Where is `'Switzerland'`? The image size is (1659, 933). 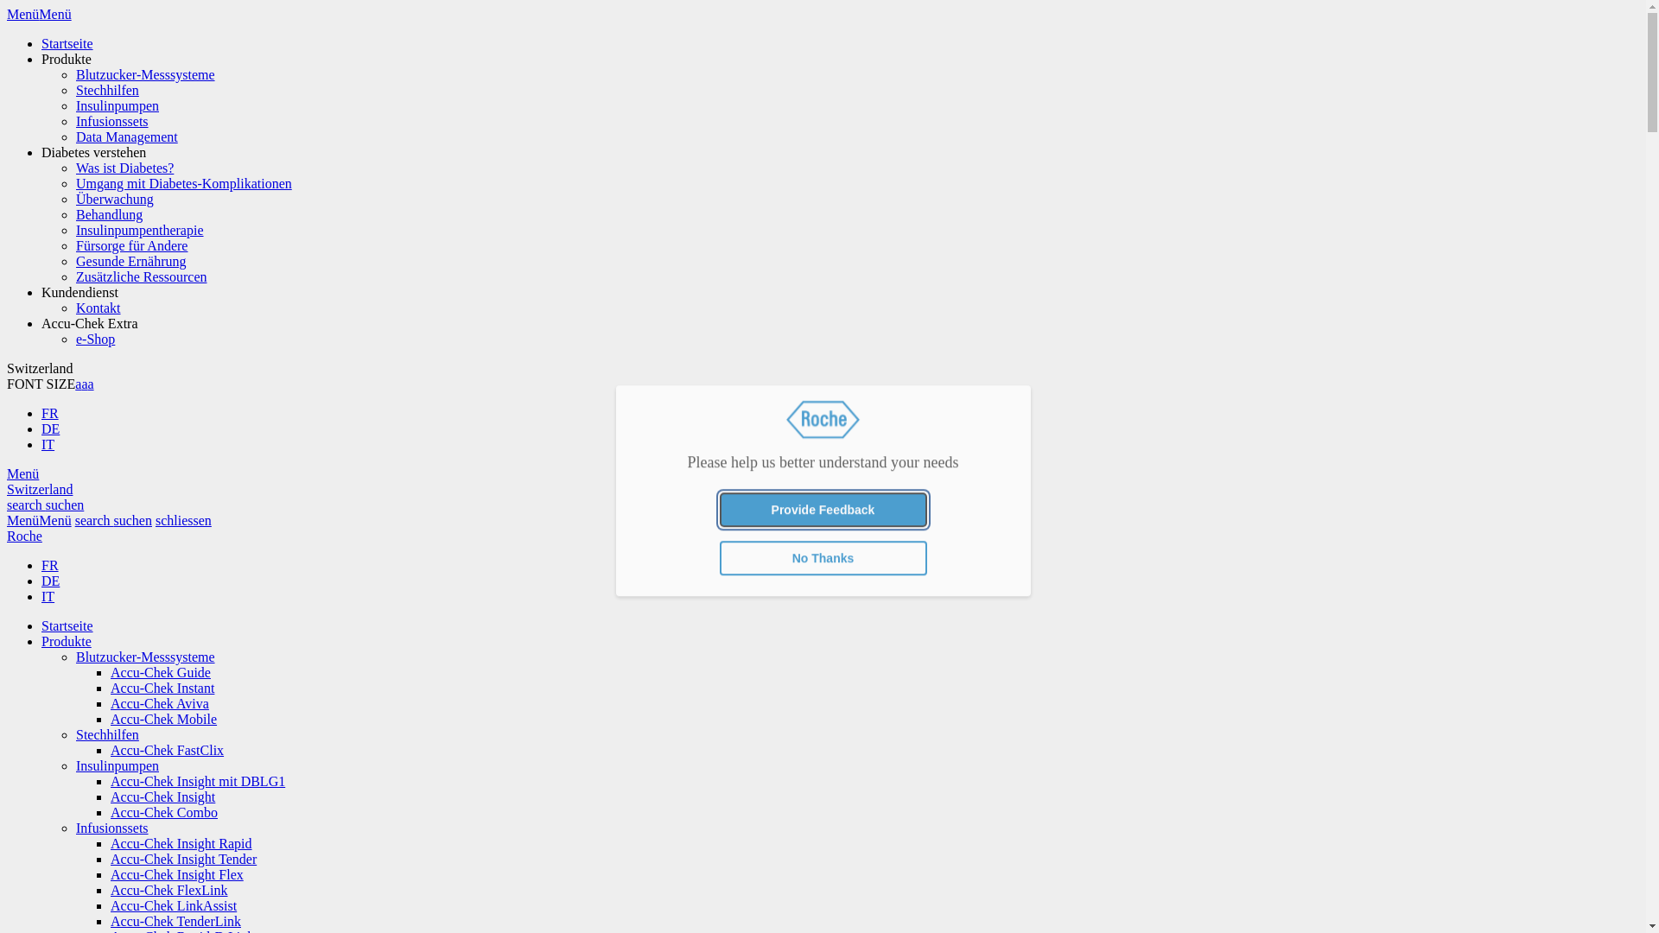
'Switzerland' is located at coordinates (40, 489).